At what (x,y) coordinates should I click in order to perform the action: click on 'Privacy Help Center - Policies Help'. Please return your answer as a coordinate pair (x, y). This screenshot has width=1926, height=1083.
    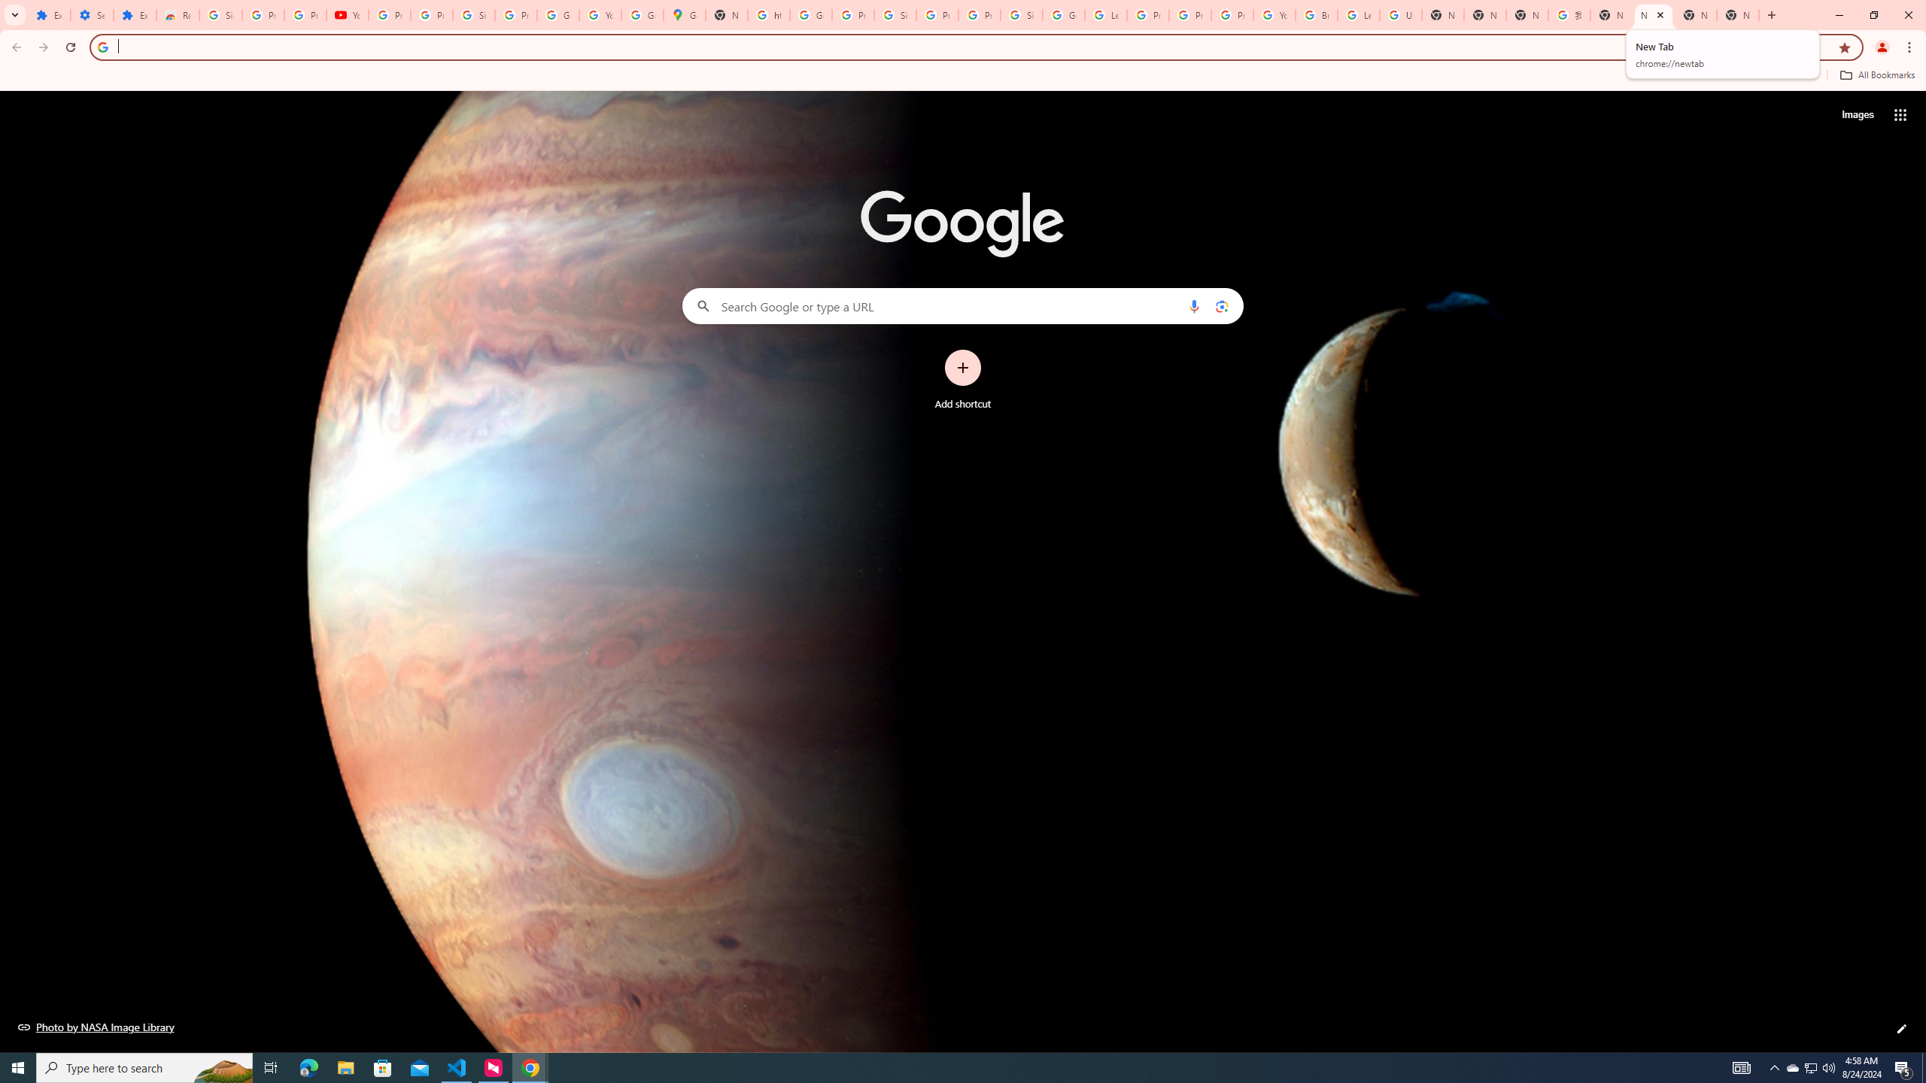
    Looking at the image, I should click on (1189, 14).